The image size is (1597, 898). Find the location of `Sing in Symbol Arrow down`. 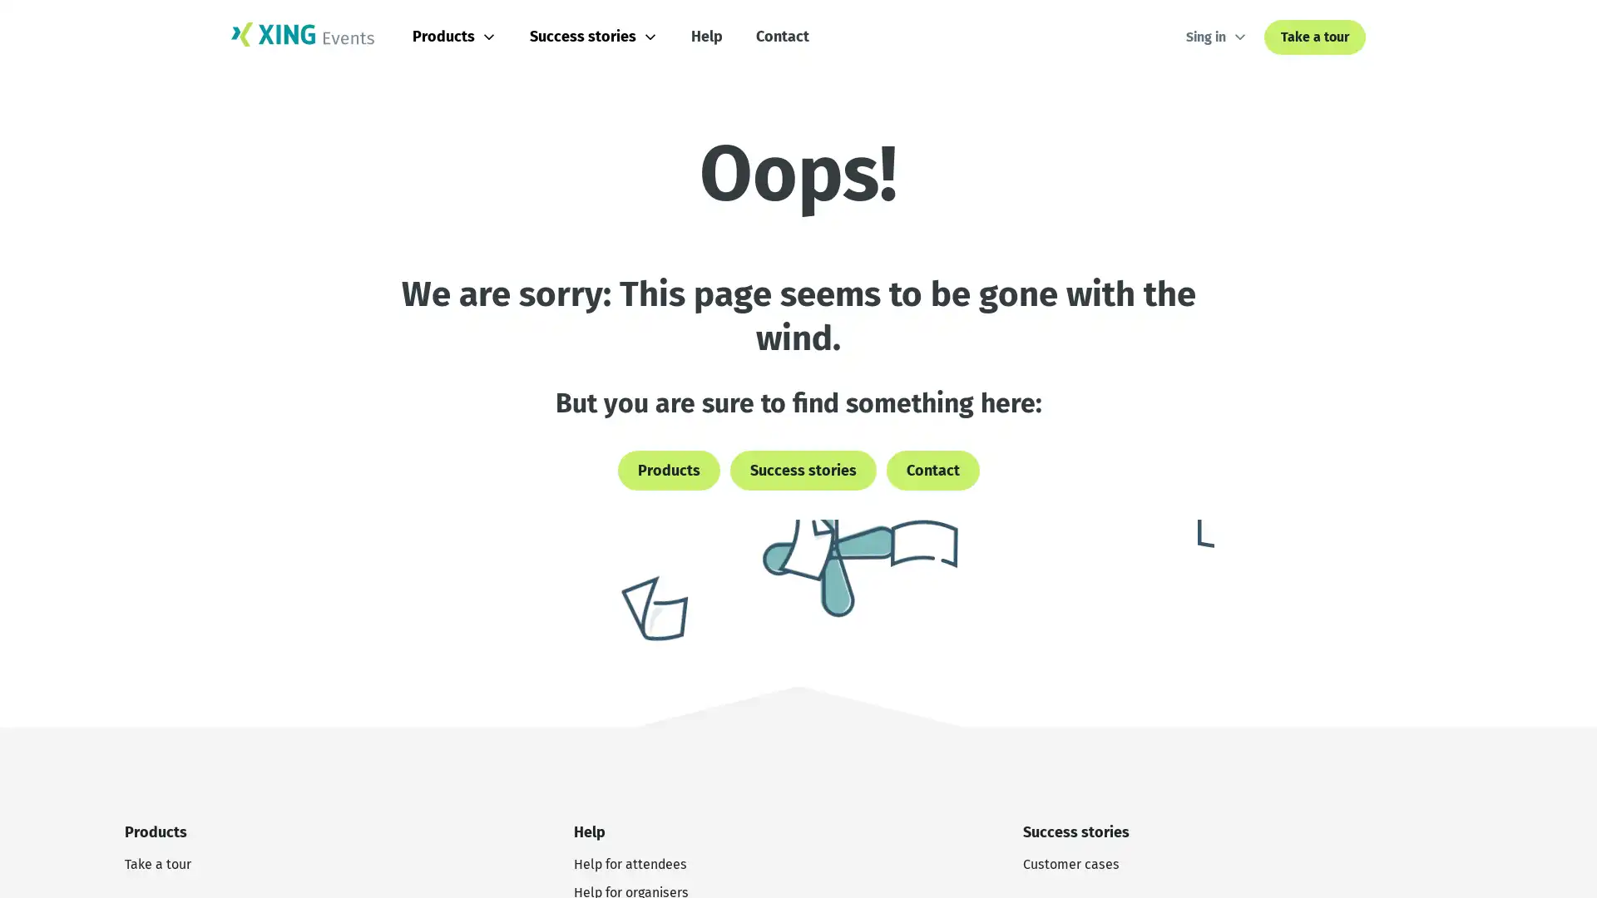

Sing in Symbol Arrow down is located at coordinates (1217, 37).